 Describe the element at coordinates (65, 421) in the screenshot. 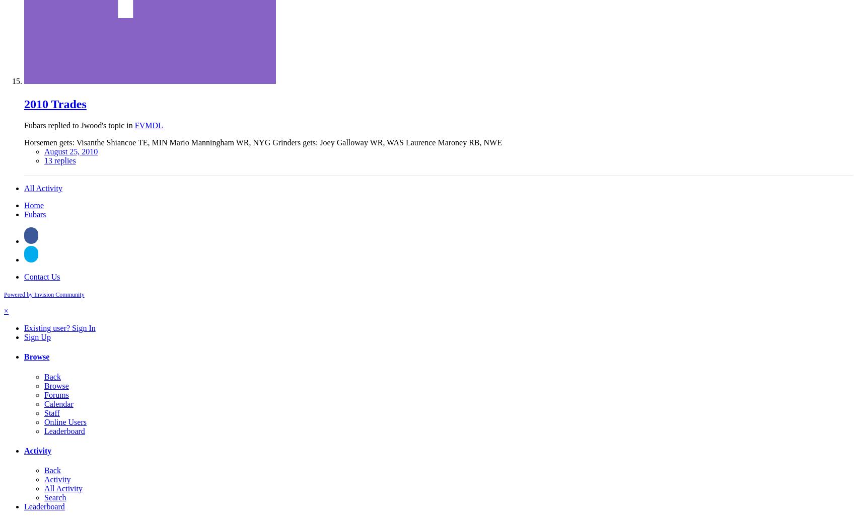

I see `'Online Users'` at that location.